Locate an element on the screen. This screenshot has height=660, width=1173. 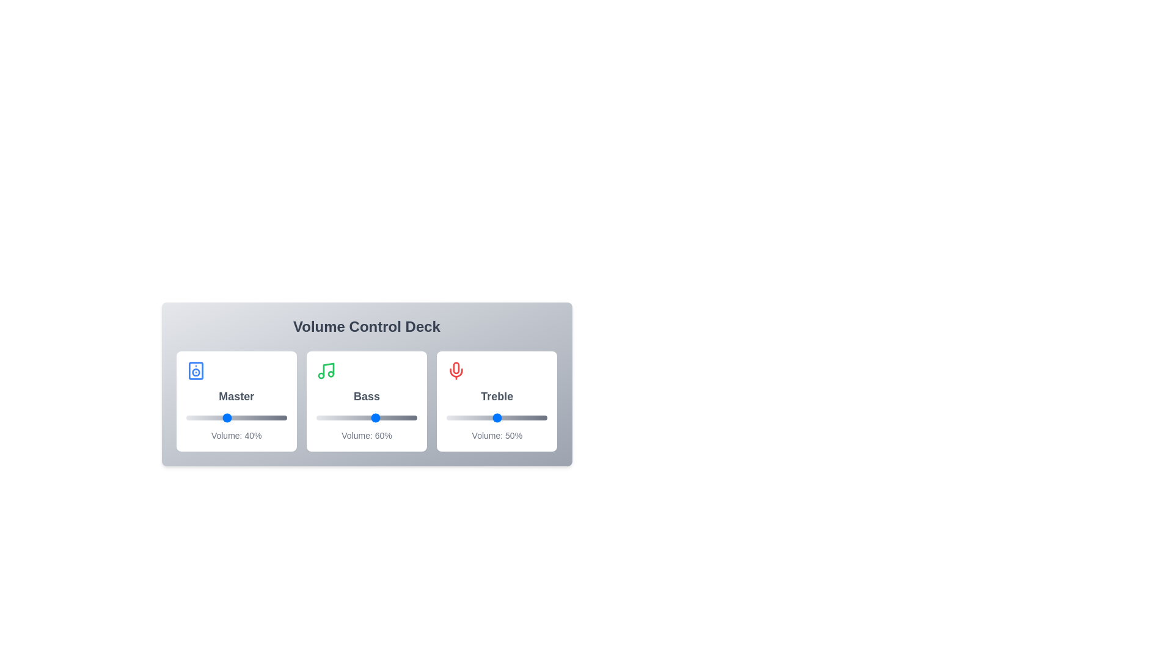
the Treble volume slider to 58% is located at coordinates (505, 417).